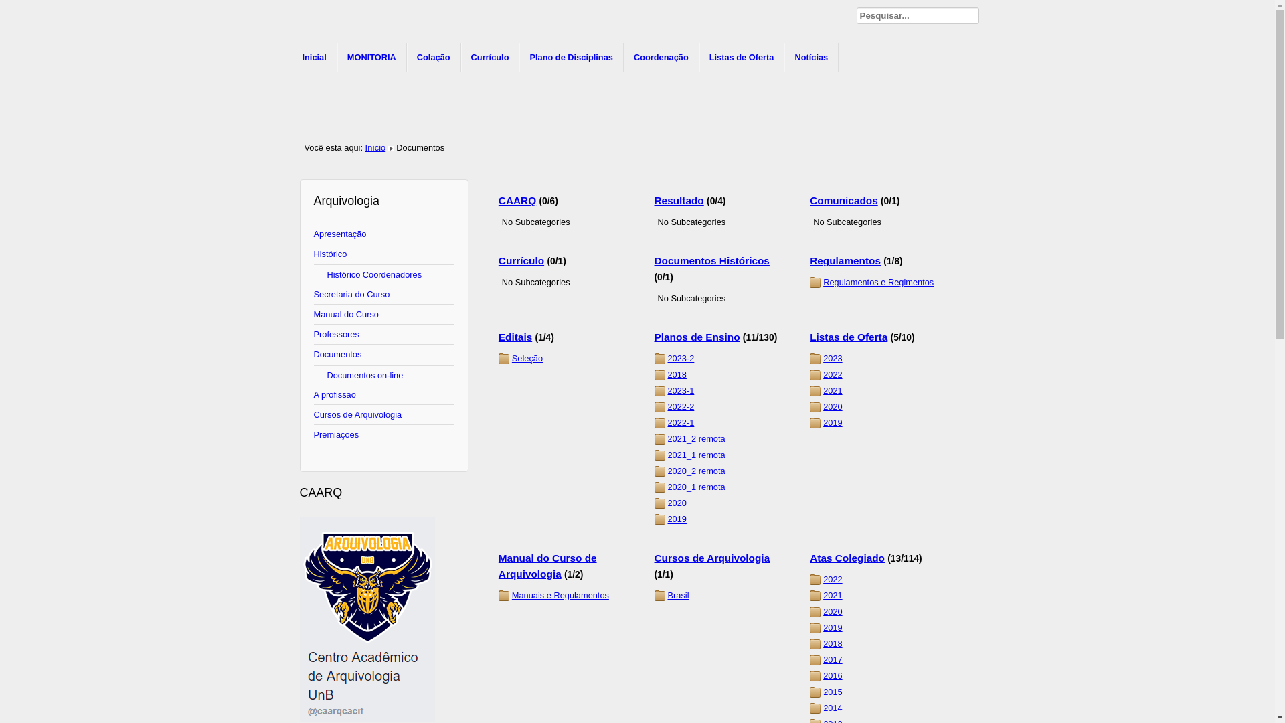  What do you see at coordinates (696, 487) in the screenshot?
I see `'2020_1 remota'` at bounding box center [696, 487].